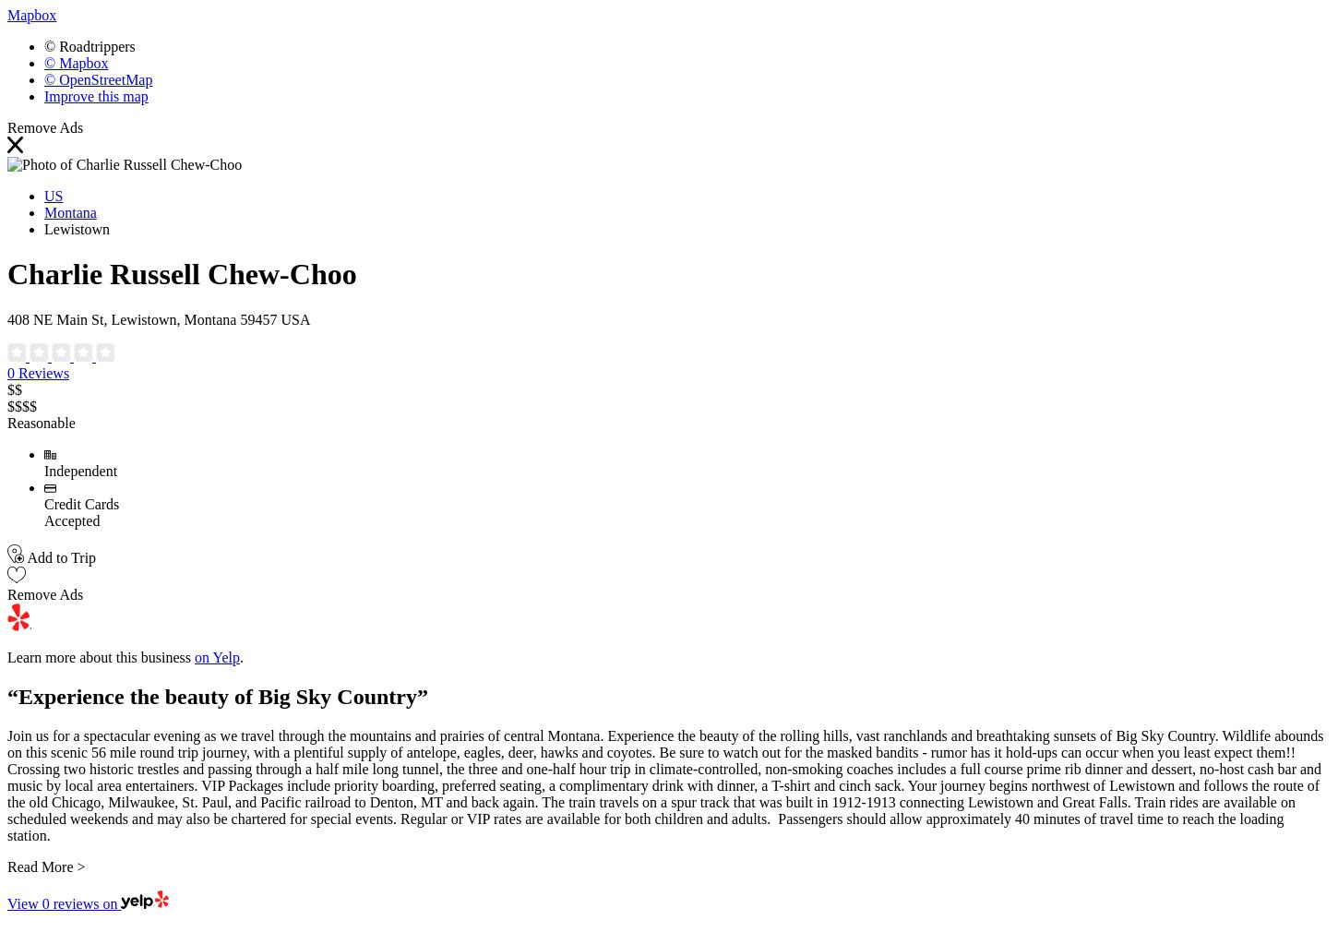  I want to click on 'View 0 reviews on', so click(62, 903).